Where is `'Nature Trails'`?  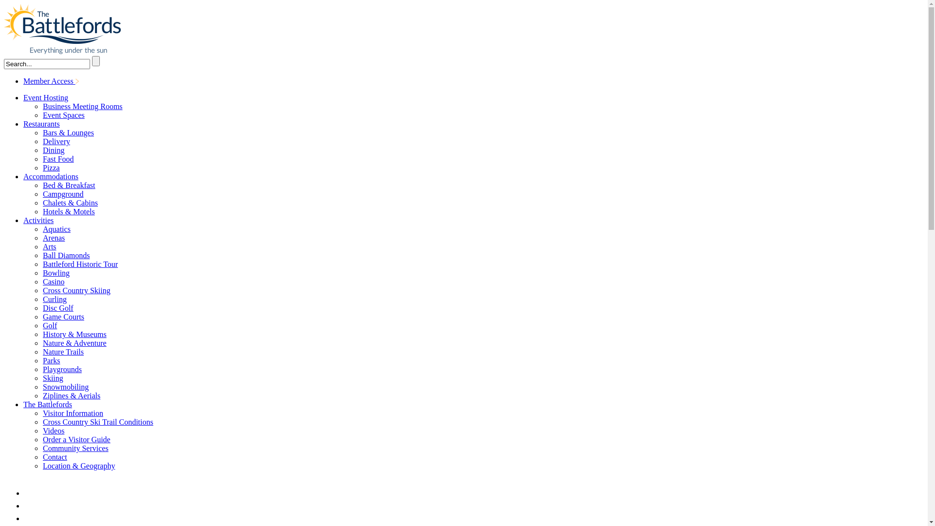 'Nature Trails' is located at coordinates (42, 352).